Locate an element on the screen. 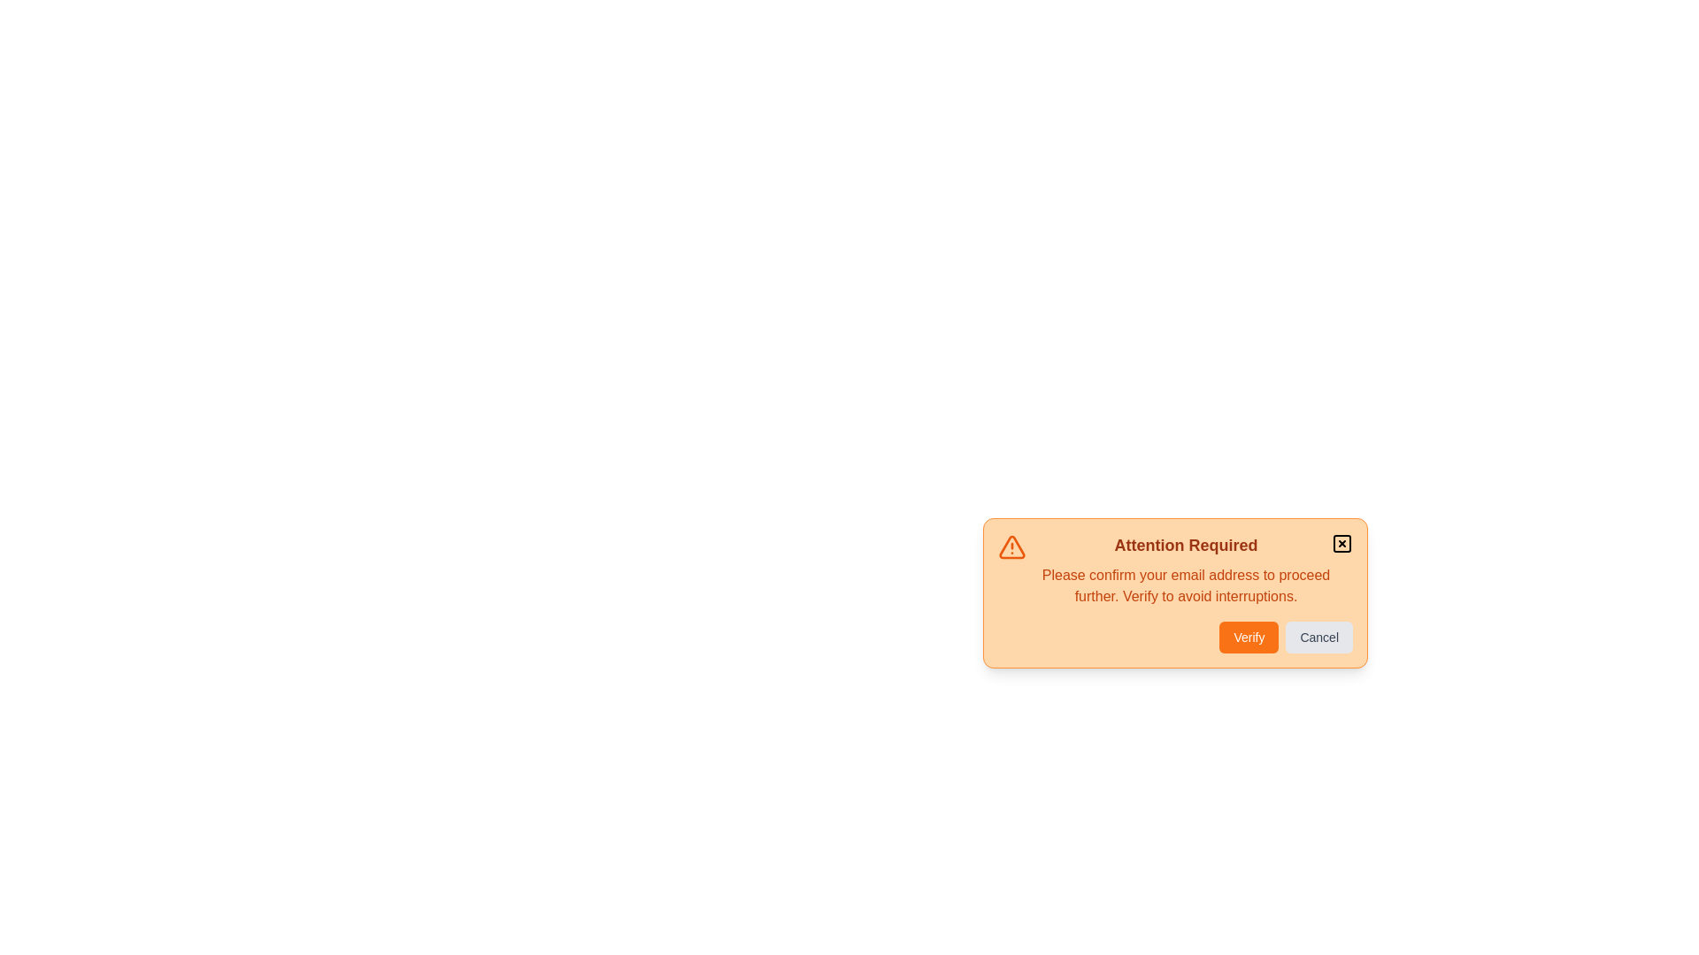  the verify button is located at coordinates (1248, 638).